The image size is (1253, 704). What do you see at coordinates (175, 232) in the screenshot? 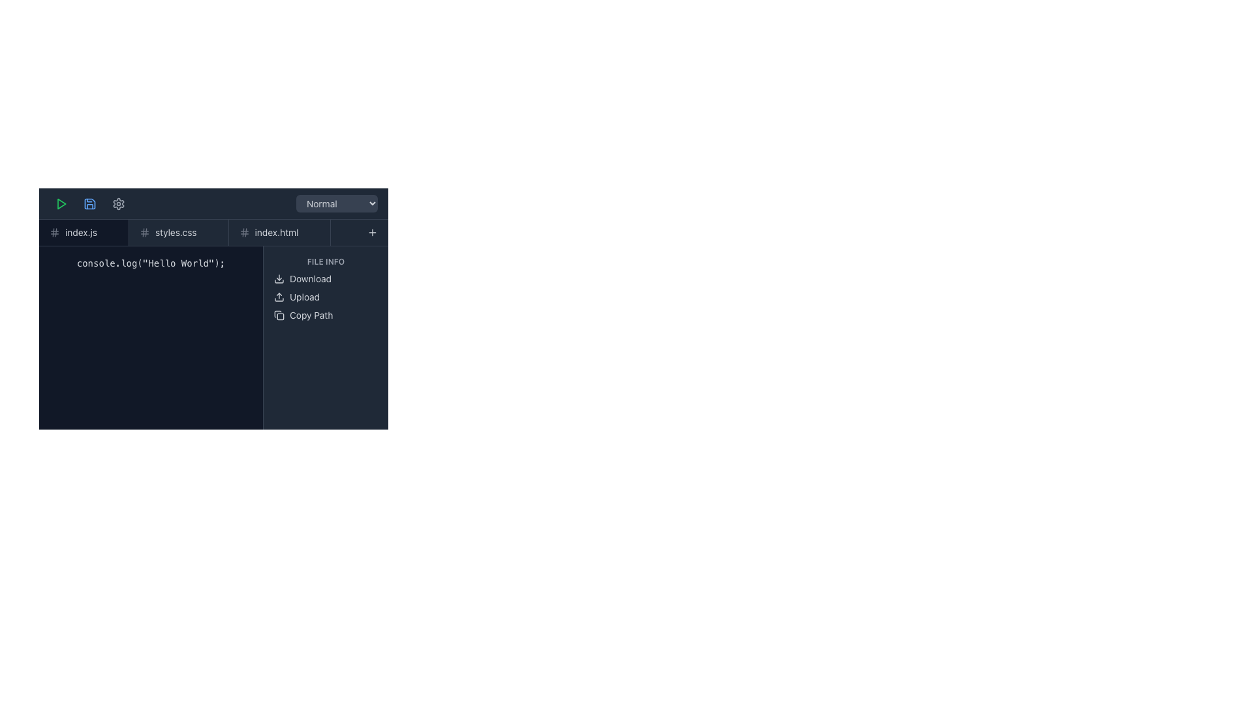
I see `the text label 'styles.css'` at bounding box center [175, 232].